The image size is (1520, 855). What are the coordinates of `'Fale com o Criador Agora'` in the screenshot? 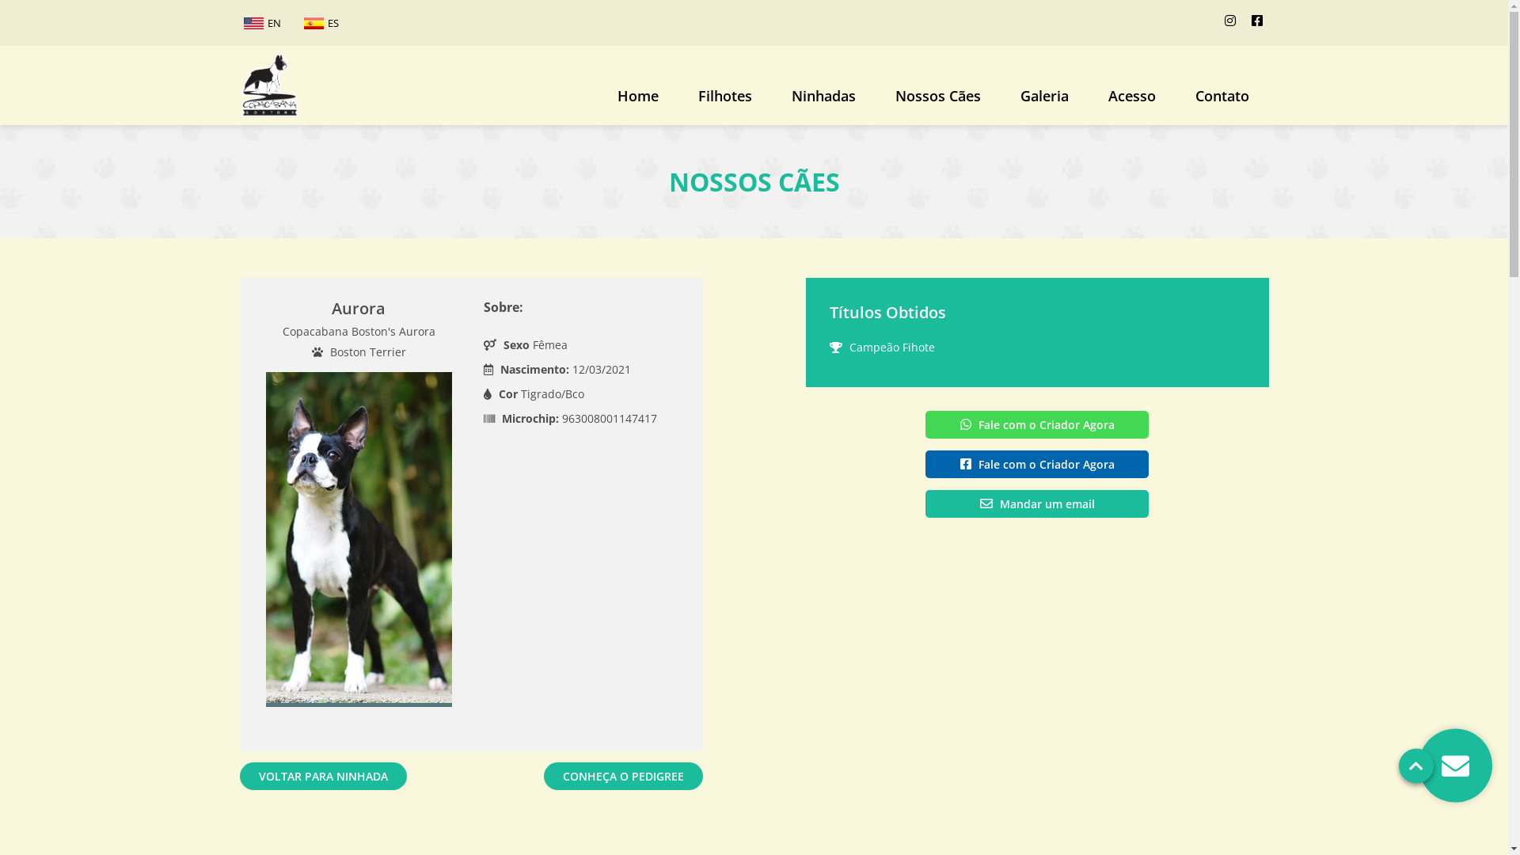 It's located at (1037, 463).